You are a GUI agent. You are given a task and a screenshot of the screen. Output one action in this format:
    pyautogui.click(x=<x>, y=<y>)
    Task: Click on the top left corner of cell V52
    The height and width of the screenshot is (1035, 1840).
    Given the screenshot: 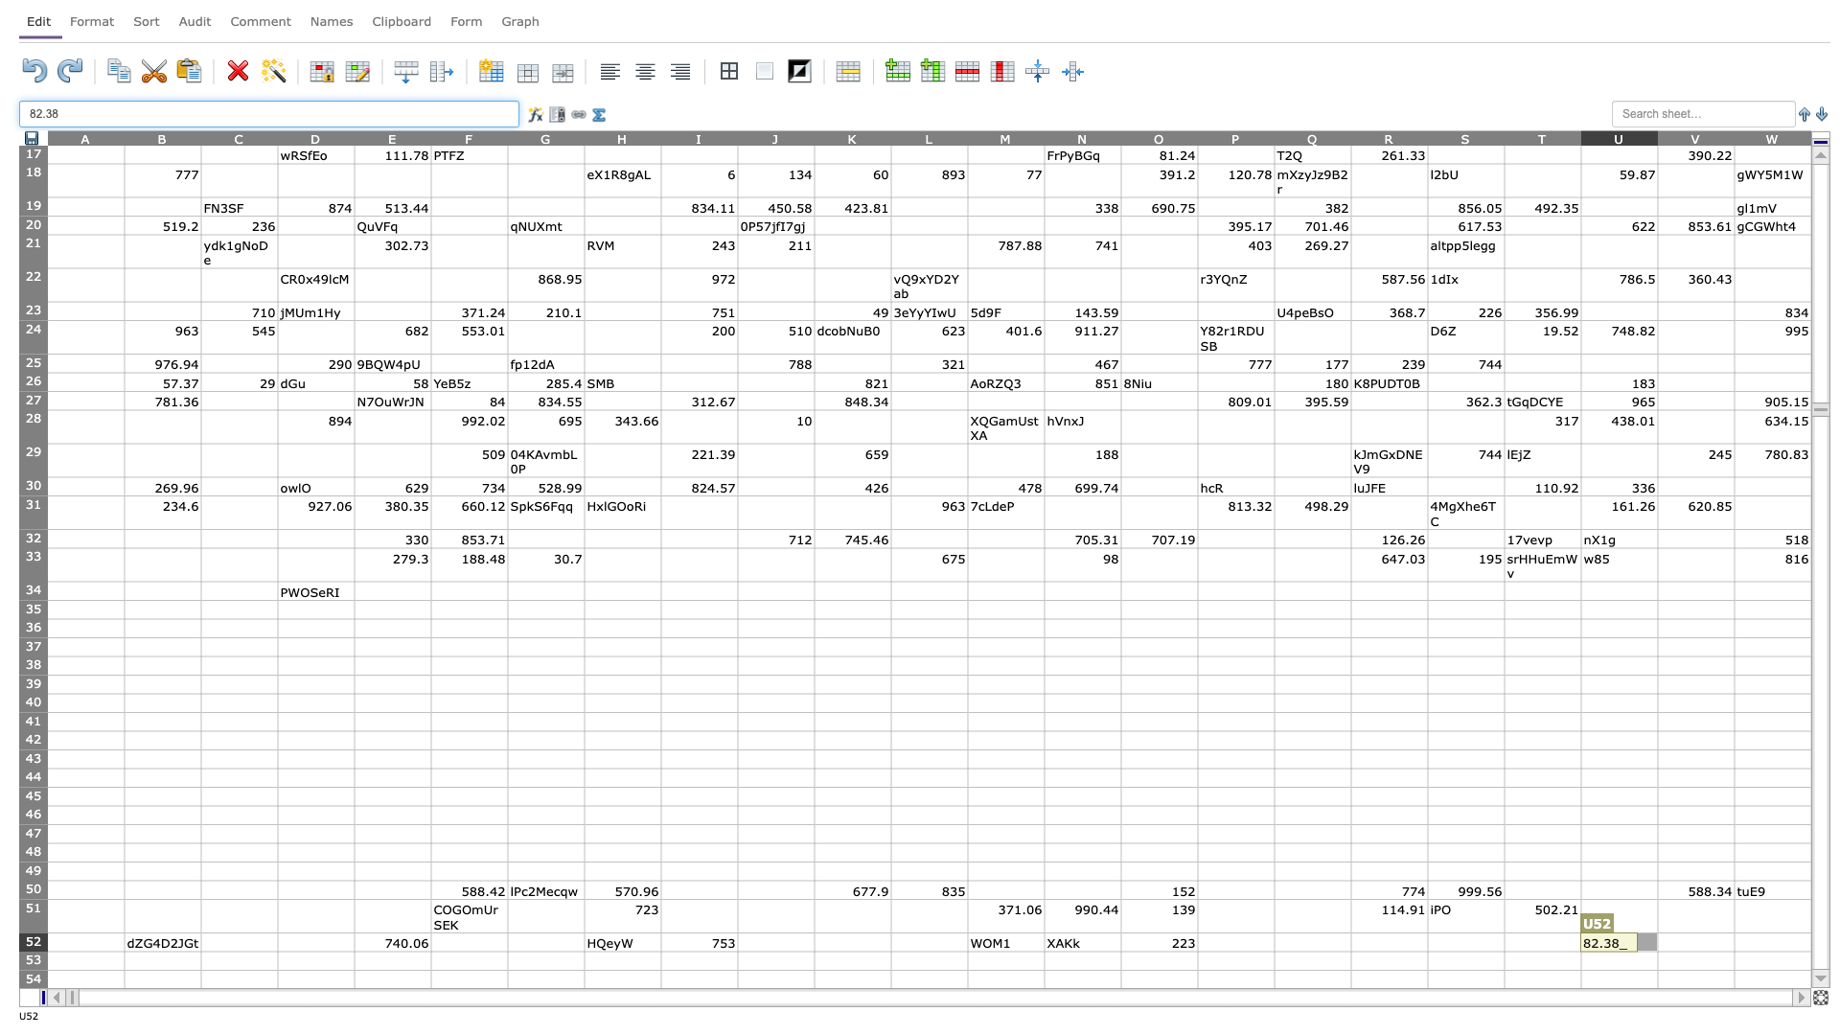 What is the action you would take?
    pyautogui.click(x=1656, y=931)
    